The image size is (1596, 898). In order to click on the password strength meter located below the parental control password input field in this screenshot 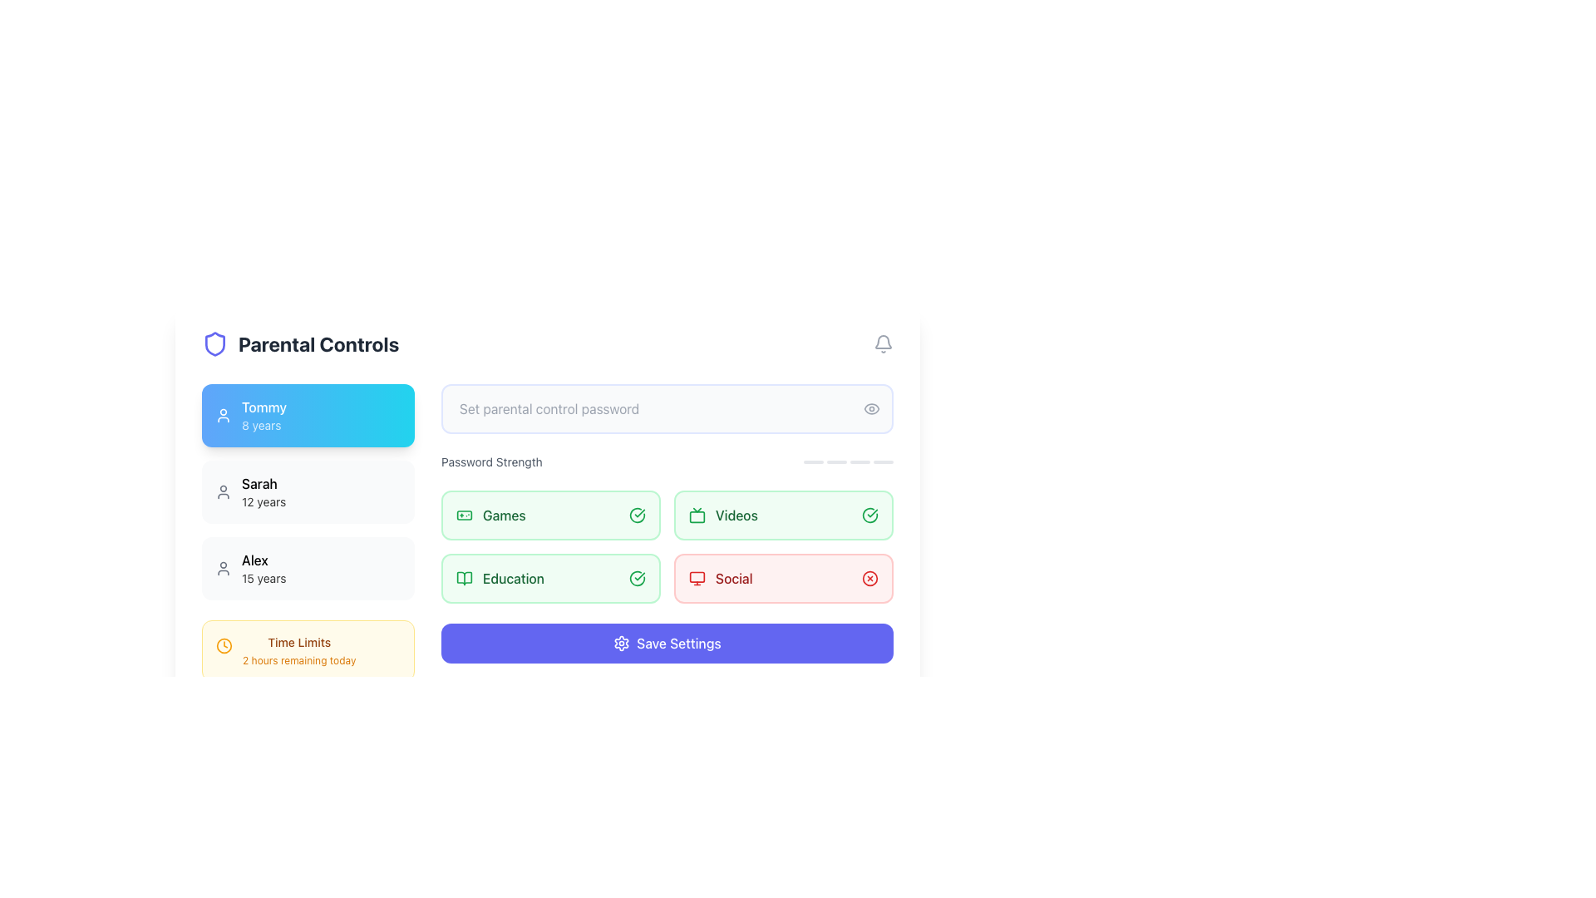, I will do `click(667, 461)`.